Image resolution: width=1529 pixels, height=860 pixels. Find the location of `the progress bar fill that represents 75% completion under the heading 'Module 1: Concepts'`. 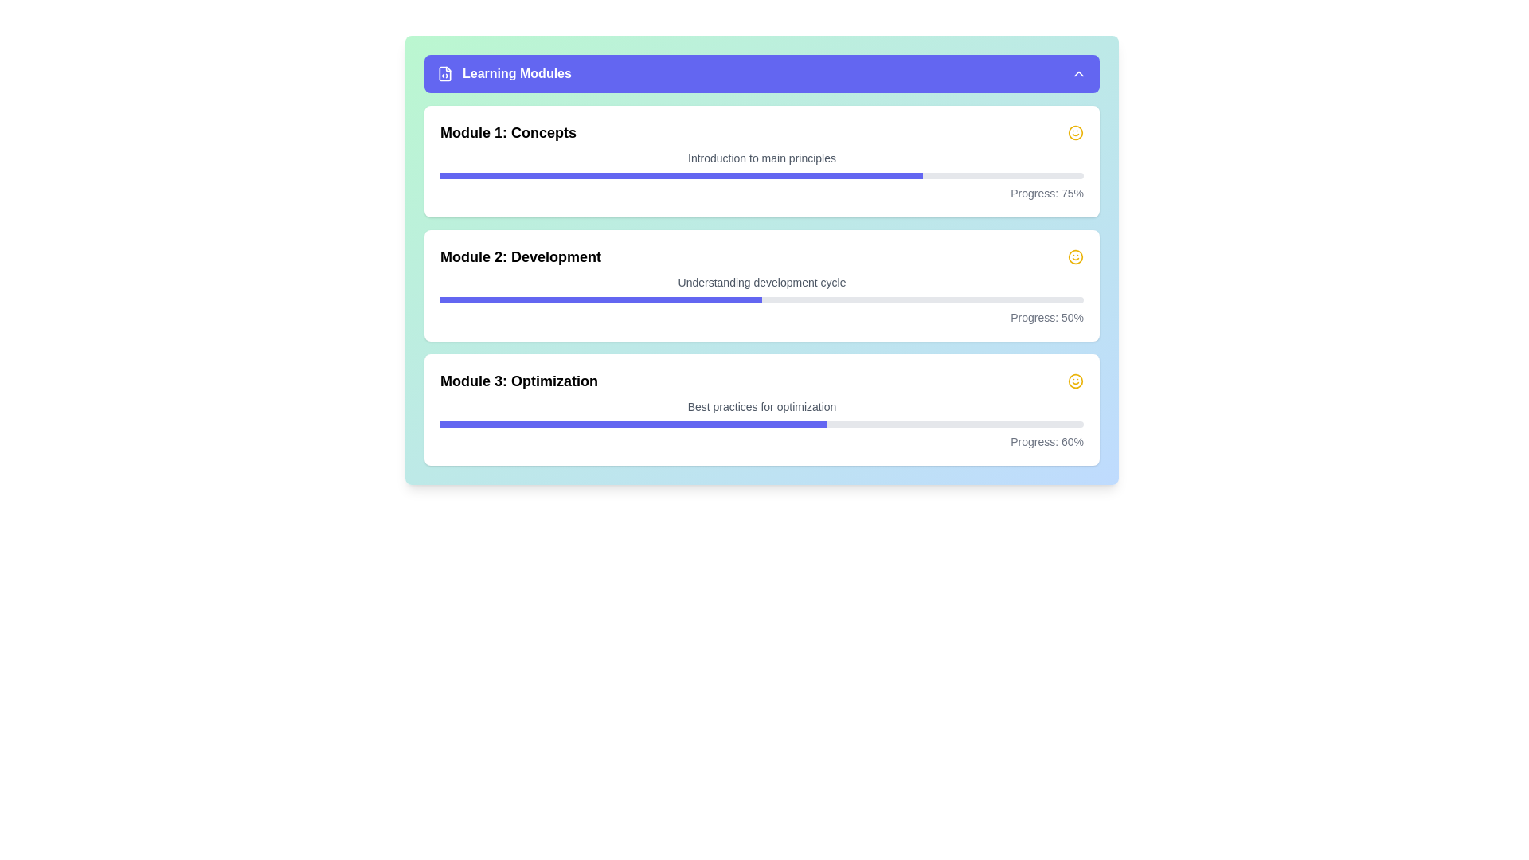

the progress bar fill that represents 75% completion under the heading 'Module 1: Concepts' is located at coordinates (681, 175).